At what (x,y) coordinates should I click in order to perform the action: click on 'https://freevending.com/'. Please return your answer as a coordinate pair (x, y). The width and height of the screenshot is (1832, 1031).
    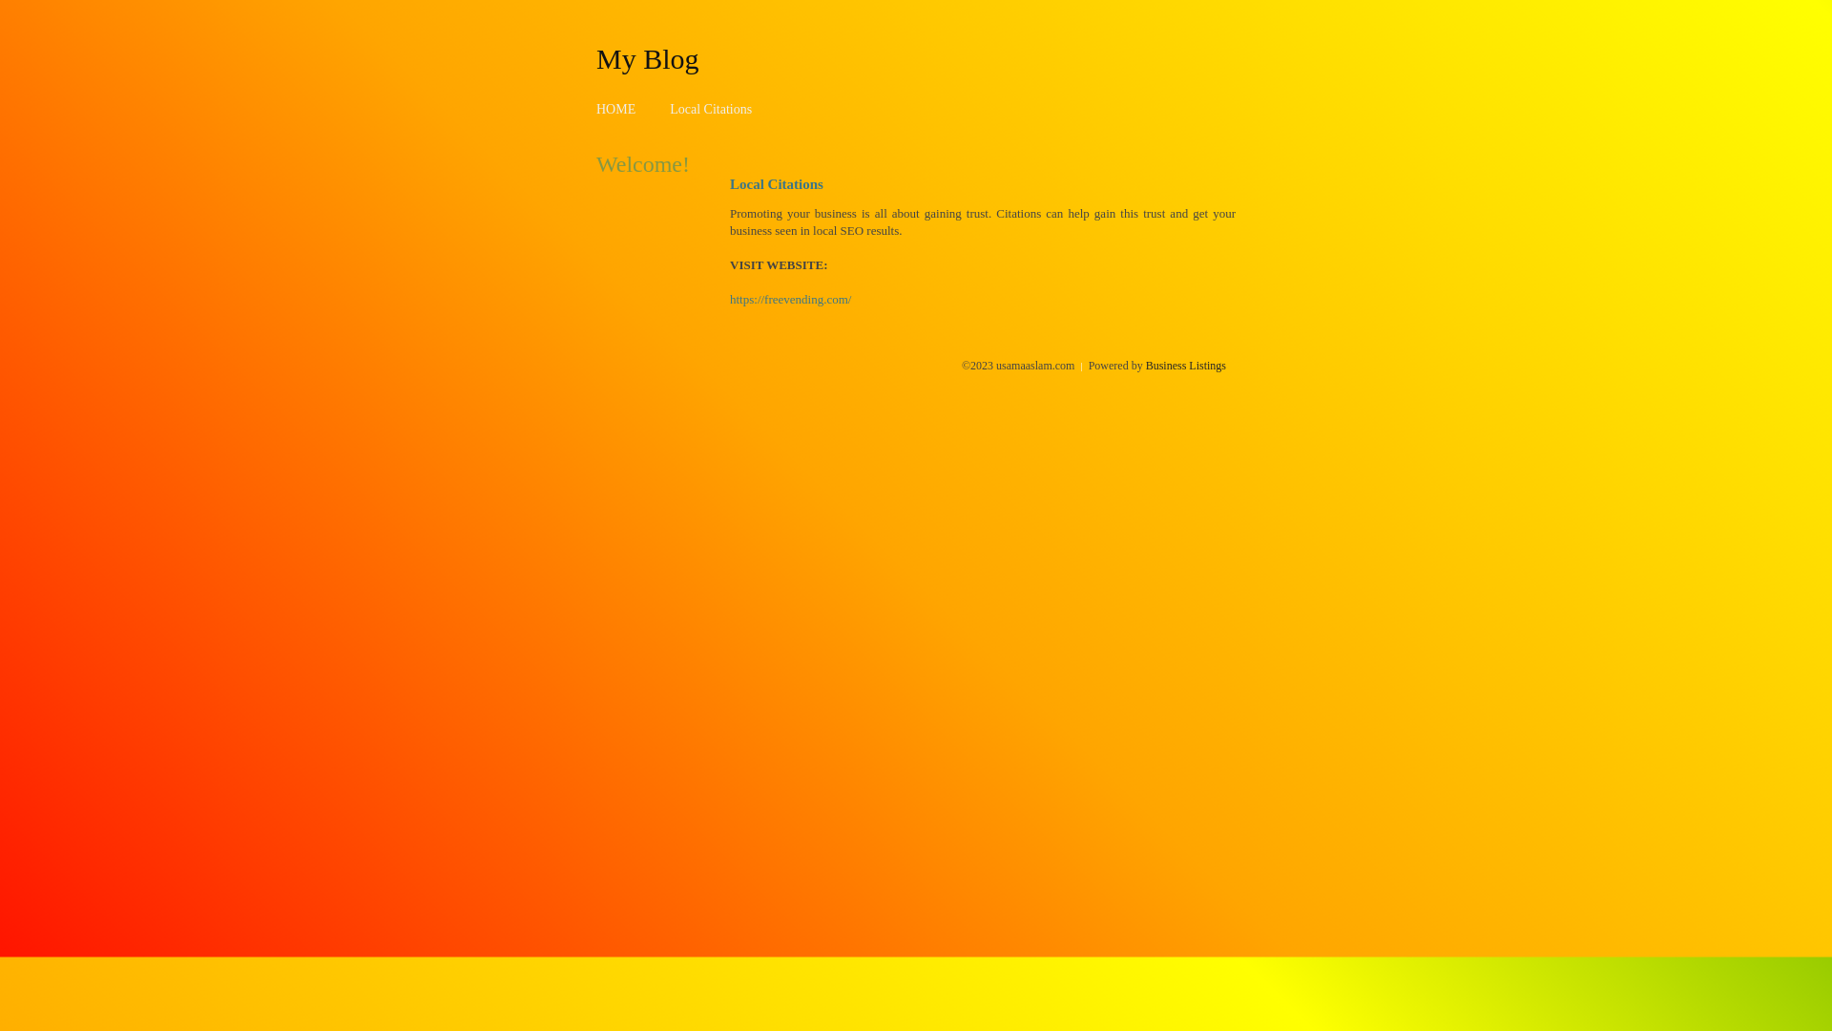
    Looking at the image, I should click on (790, 299).